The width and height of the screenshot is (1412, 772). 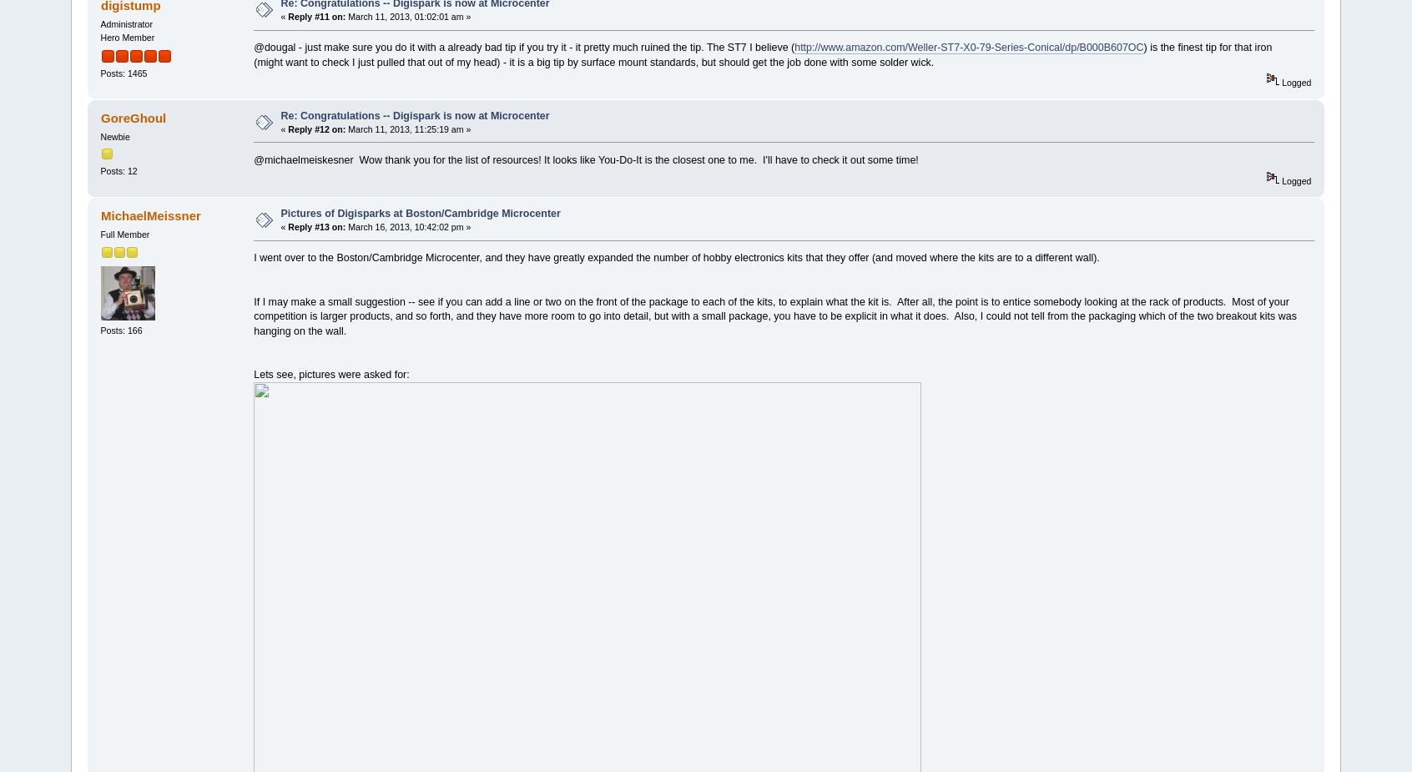 What do you see at coordinates (286, 15) in the screenshot?
I see `'Reply #11 on:'` at bounding box center [286, 15].